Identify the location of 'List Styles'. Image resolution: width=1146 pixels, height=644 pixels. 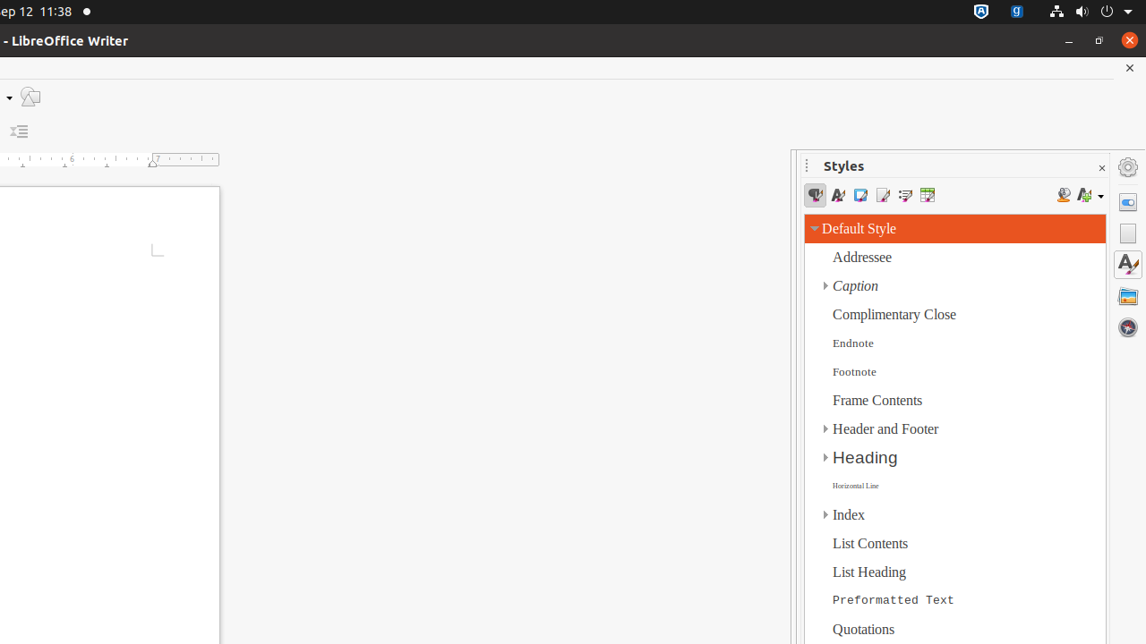
(904, 195).